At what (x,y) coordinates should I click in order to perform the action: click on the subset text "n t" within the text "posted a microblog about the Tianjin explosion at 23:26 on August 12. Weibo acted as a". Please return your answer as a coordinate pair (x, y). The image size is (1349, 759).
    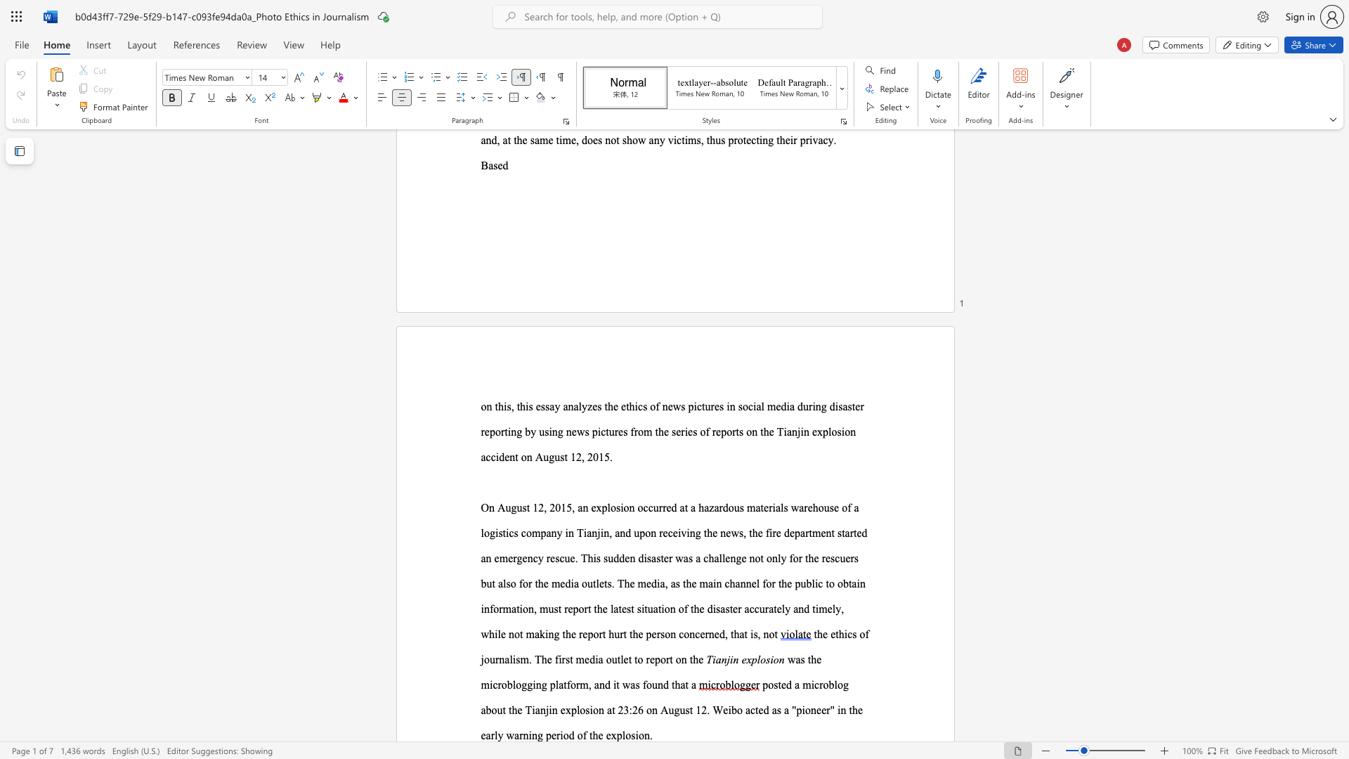
    Looking at the image, I should click on (840, 710).